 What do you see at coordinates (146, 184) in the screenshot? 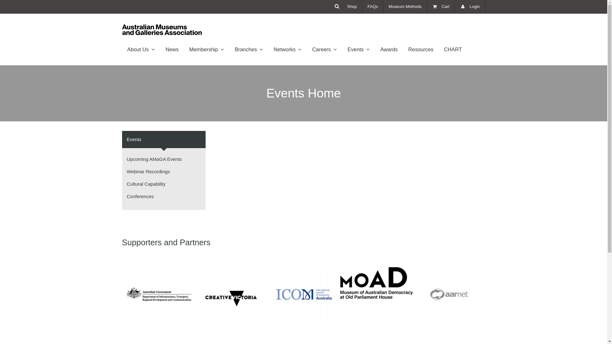
I see `'Cultural Capability'` at bounding box center [146, 184].